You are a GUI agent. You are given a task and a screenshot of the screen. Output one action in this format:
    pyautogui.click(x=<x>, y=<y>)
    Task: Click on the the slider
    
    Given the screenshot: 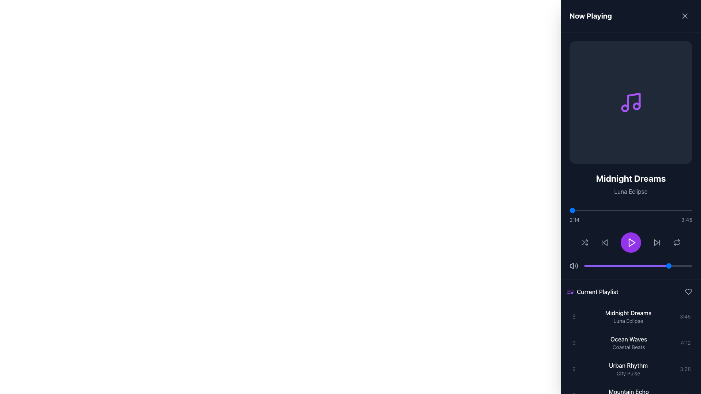 What is the action you would take?
    pyautogui.click(x=616, y=266)
    